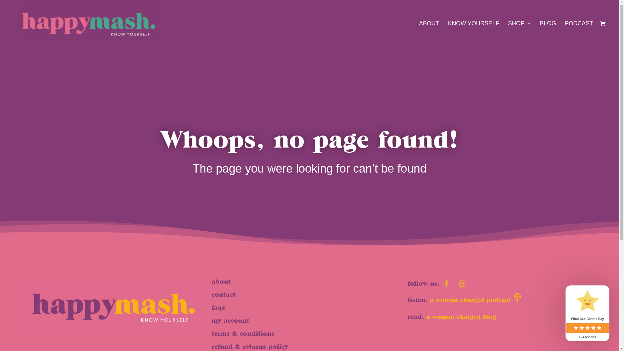 The height and width of the screenshot is (351, 624). What do you see at coordinates (474, 34) in the screenshot?
I see `'KNOW YOURSELF'` at bounding box center [474, 34].